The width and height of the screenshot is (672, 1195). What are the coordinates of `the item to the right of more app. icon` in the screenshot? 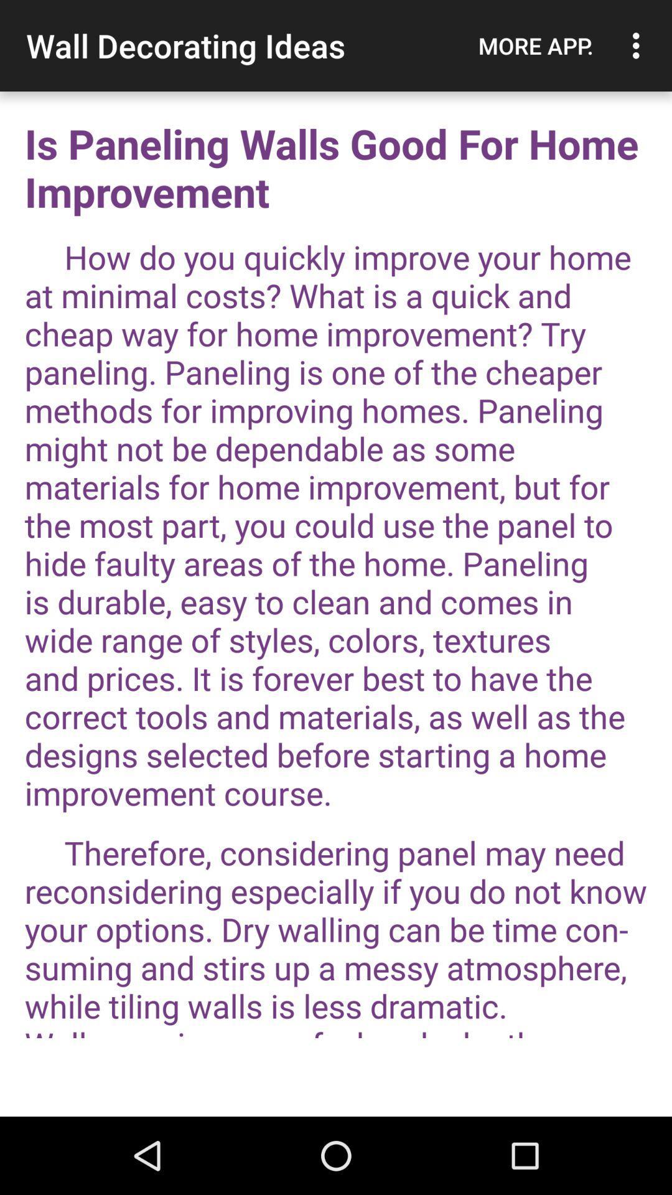 It's located at (639, 45).